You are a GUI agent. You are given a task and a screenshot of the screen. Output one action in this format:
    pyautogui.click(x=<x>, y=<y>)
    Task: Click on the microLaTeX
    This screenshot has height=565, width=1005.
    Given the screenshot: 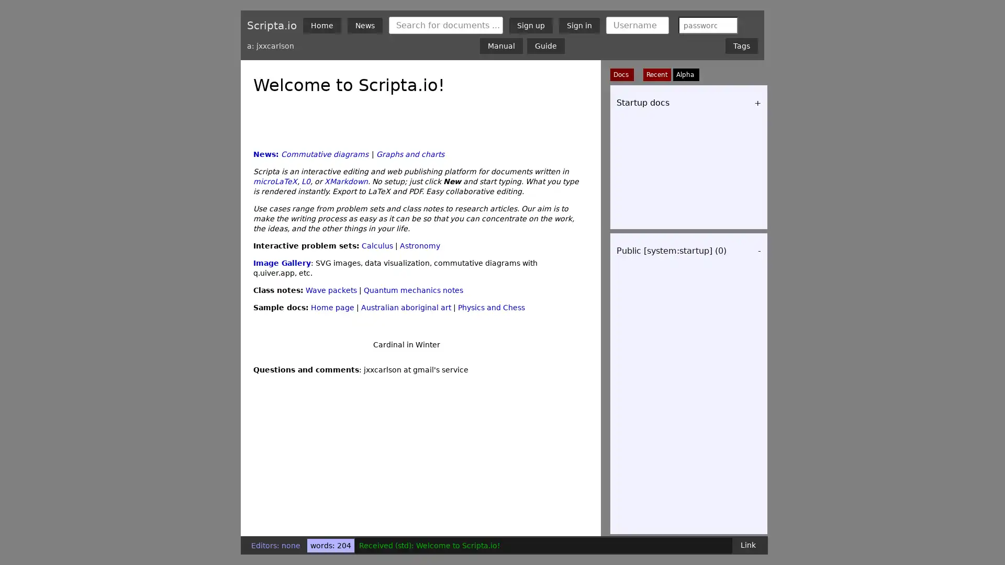 What is the action you would take?
    pyautogui.click(x=275, y=262)
    